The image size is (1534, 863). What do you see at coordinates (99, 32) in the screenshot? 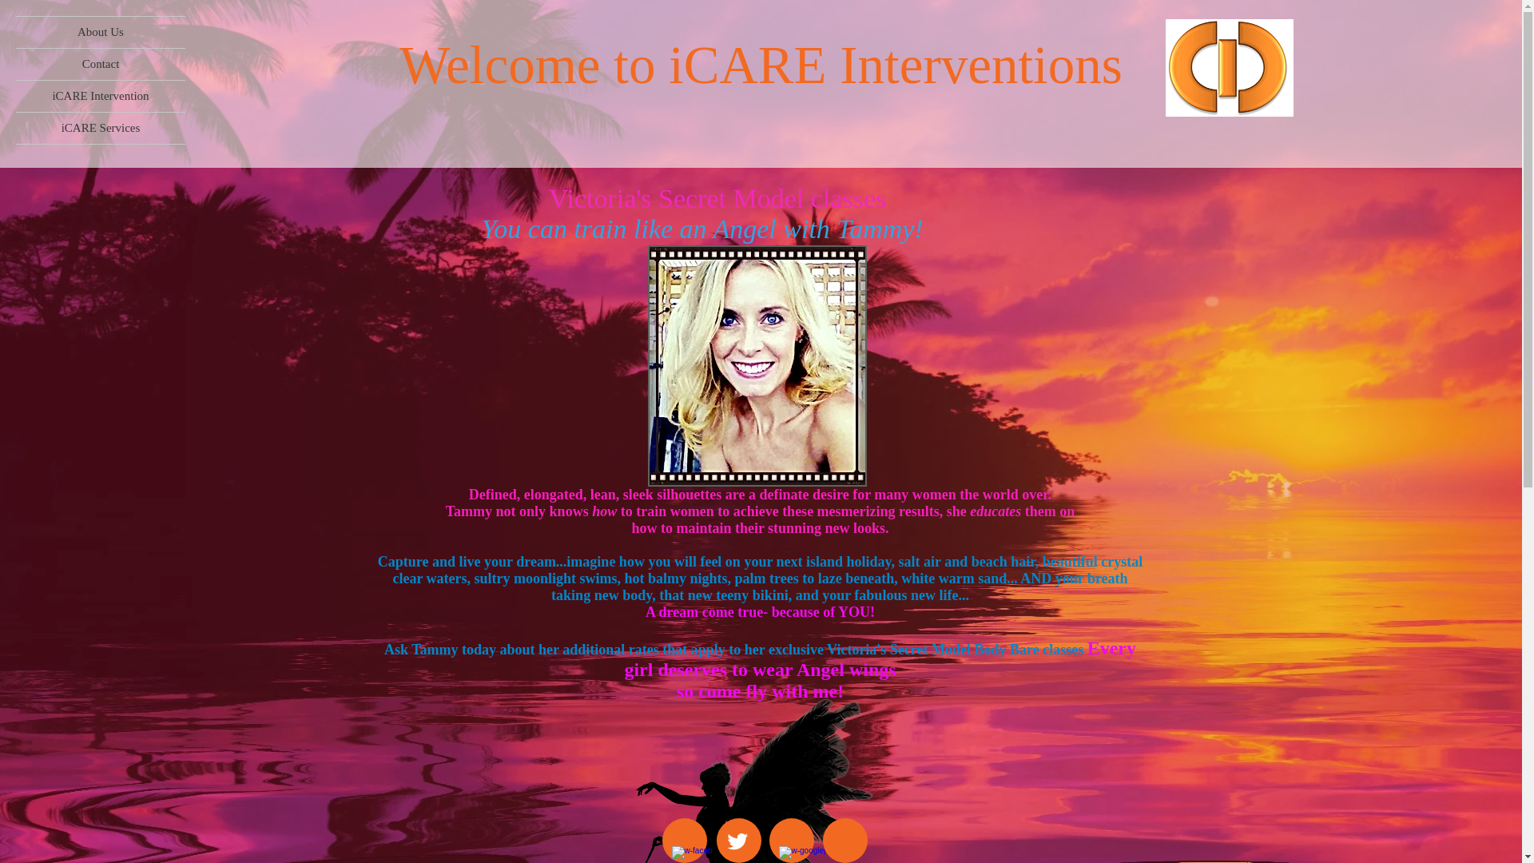
I see `'About Us'` at bounding box center [99, 32].